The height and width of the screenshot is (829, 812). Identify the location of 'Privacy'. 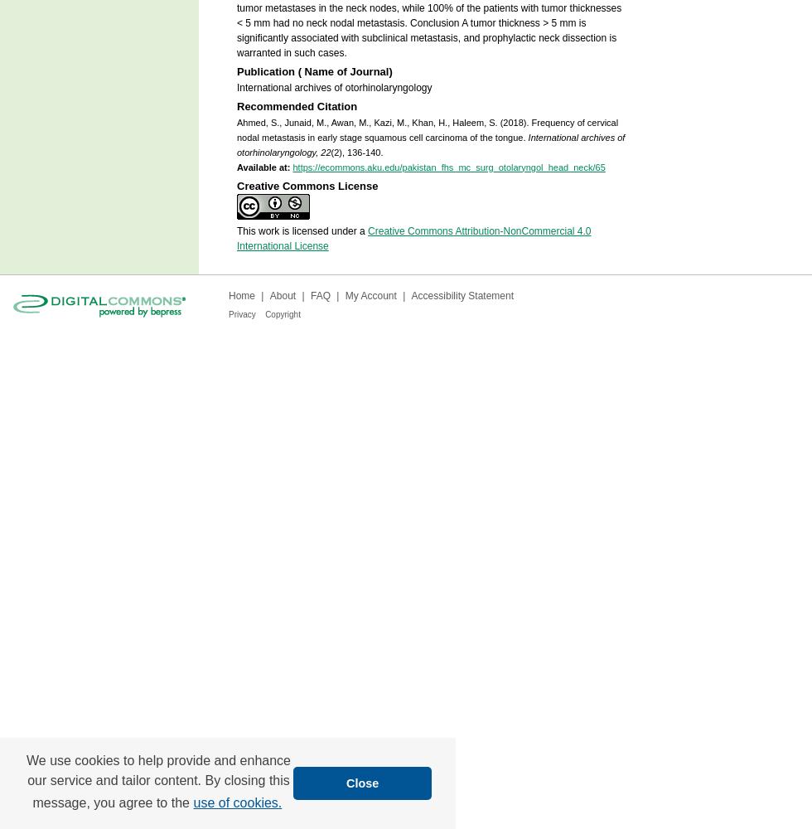
(242, 314).